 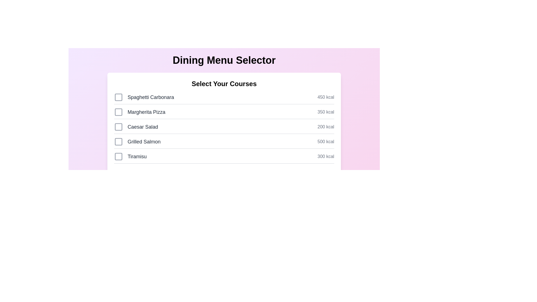 What do you see at coordinates (326, 127) in the screenshot?
I see `the calorie information for Caesar Salad` at bounding box center [326, 127].